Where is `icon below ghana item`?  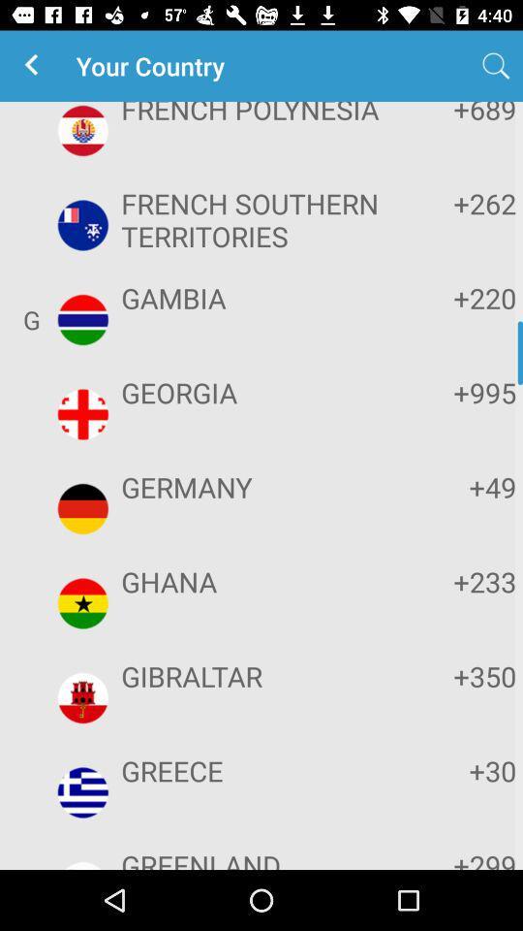
icon below ghana item is located at coordinates (259, 676).